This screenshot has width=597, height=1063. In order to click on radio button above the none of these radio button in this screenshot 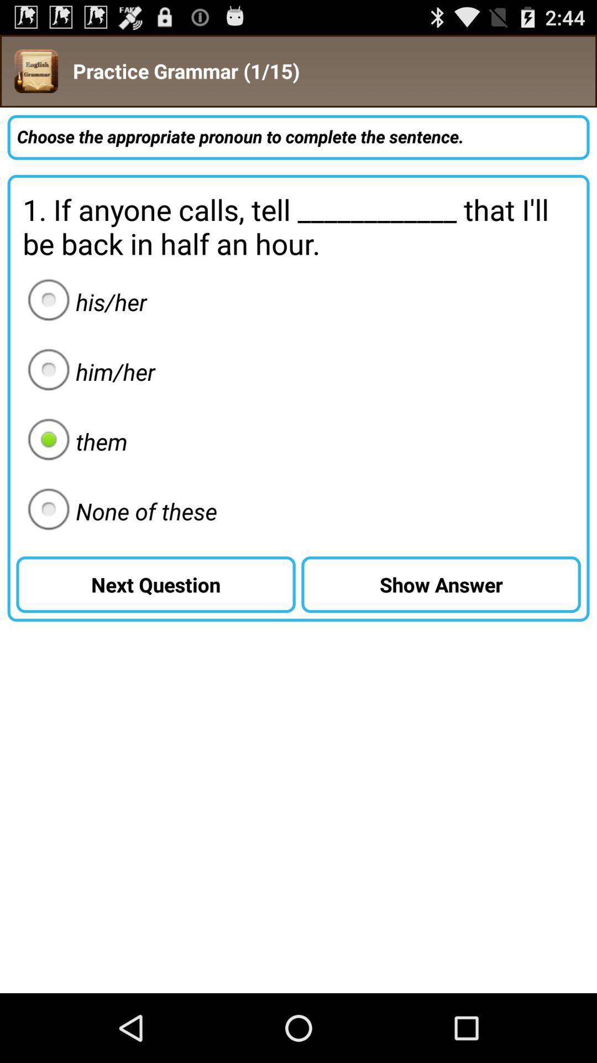, I will do `click(74, 441)`.